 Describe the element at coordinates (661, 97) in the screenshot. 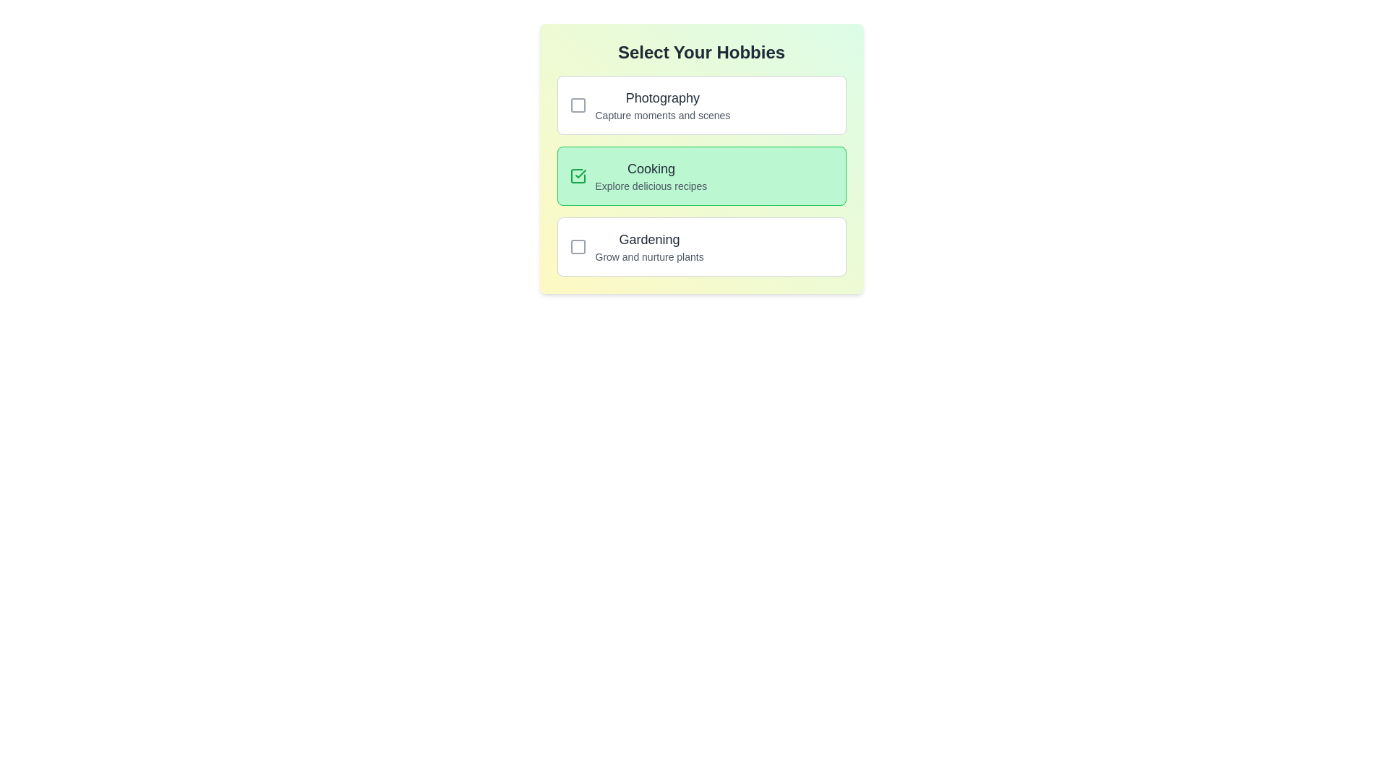

I see `the static text element that serves as the title for the option group 'Photography', which is located above the descriptive text 'Capture moments and scenes'` at that location.